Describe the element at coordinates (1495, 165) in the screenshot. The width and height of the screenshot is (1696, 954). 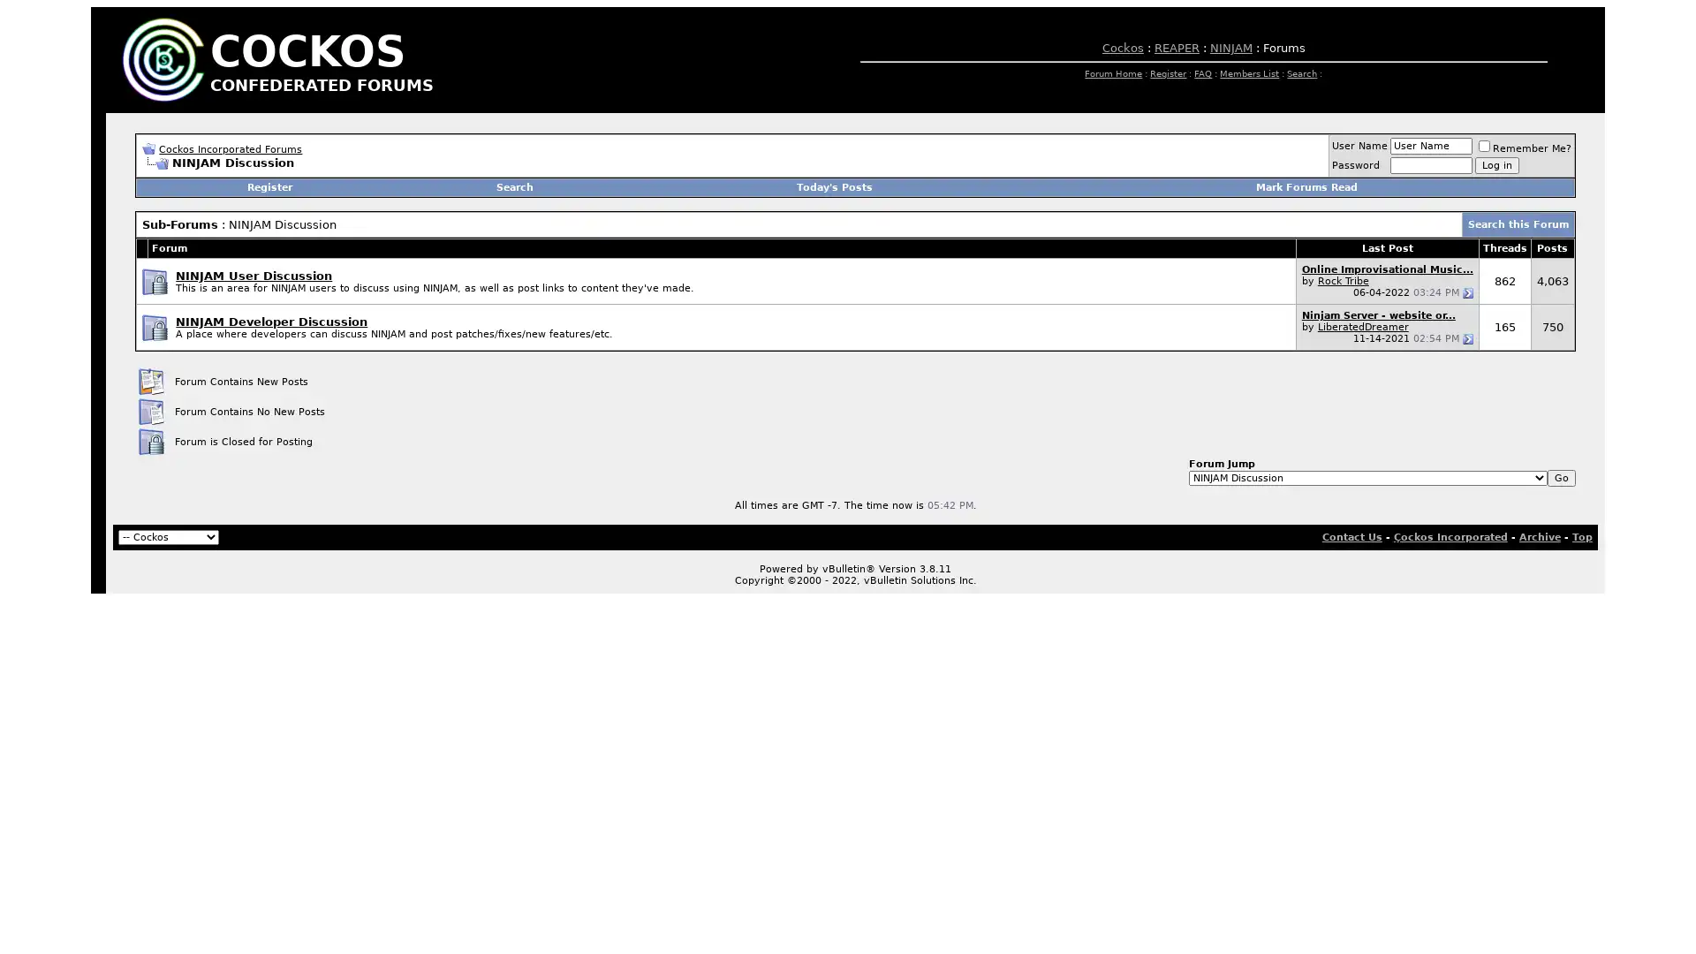
I see `Log in` at that location.